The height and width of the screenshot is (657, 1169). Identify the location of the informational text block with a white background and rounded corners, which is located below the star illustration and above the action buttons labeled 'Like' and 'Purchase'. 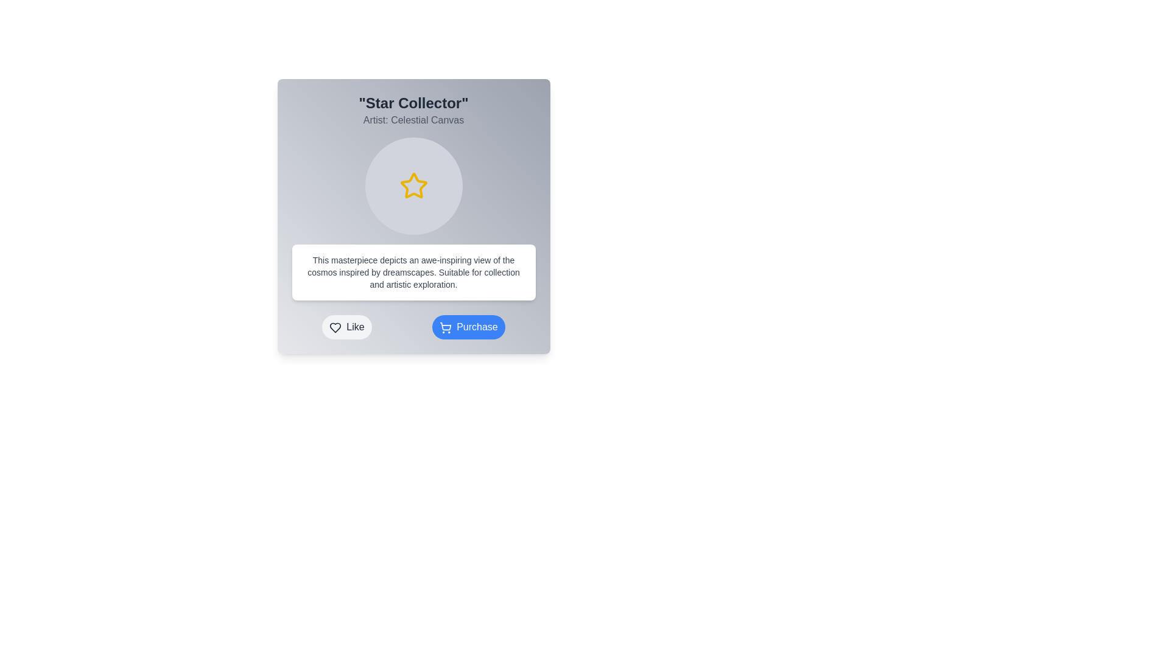
(413, 271).